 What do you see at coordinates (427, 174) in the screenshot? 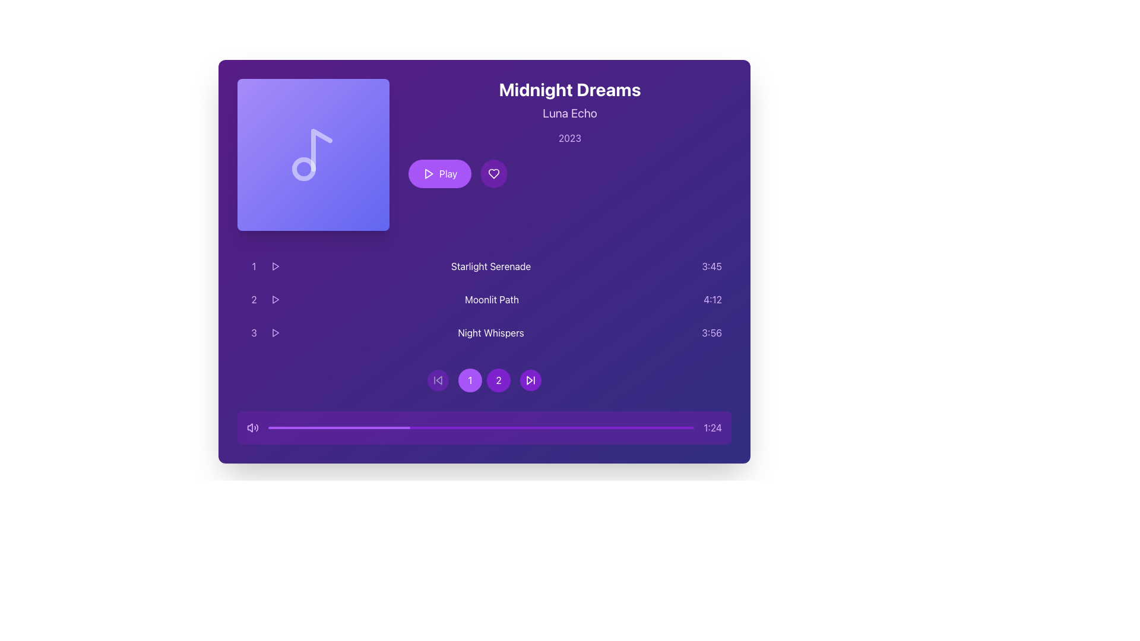
I see `the play icon located inside the purple circular button labeled 'Play' to initiate playback of the media displayed on the interface` at bounding box center [427, 174].